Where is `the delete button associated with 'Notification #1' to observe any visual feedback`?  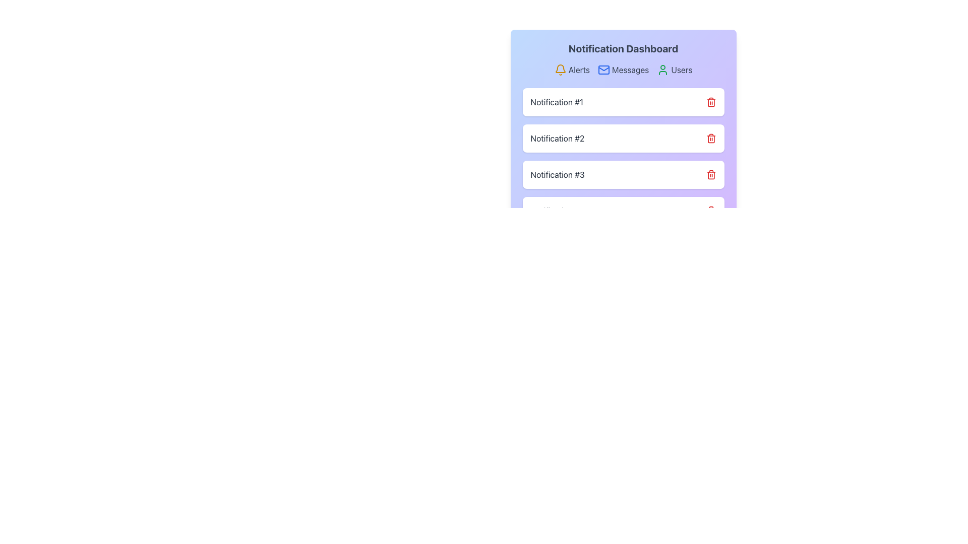
the delete button associated with 'Notification #1' to observe any visual feedback is located at coordinates (710, 102).